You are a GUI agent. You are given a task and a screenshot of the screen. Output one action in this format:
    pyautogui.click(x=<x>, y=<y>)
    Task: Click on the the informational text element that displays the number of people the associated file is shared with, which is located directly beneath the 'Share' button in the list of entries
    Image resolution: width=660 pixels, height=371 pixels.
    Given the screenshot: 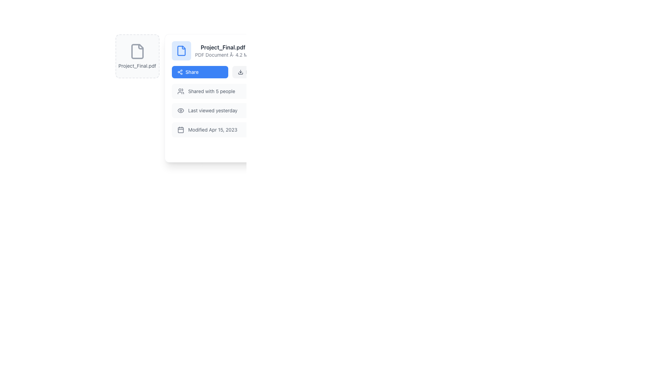 What is the action you would take?
    pyautogui.click(x=230, y=91)
    